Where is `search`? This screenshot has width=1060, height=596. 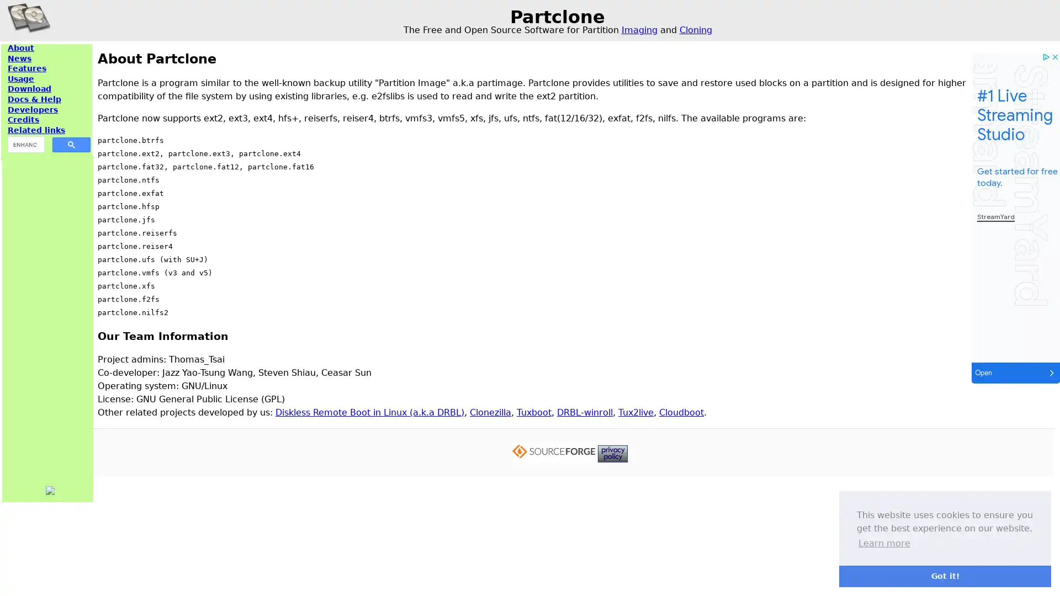 search is located at coordinates (71, 143).